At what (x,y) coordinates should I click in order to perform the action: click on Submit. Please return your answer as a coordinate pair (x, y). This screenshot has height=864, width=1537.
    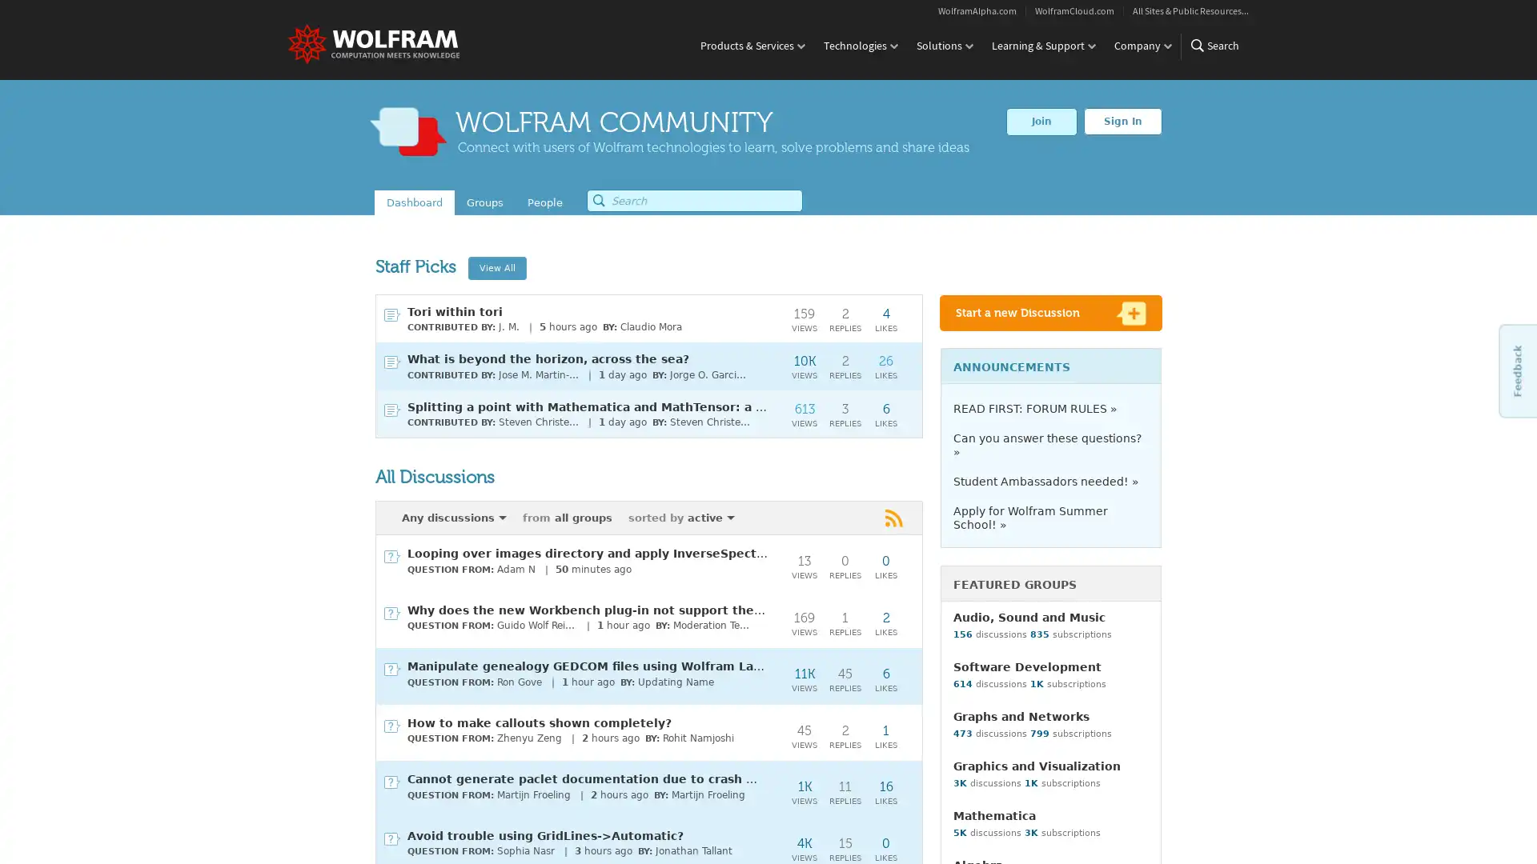
    Looking at the image, I should click on (598, 199).